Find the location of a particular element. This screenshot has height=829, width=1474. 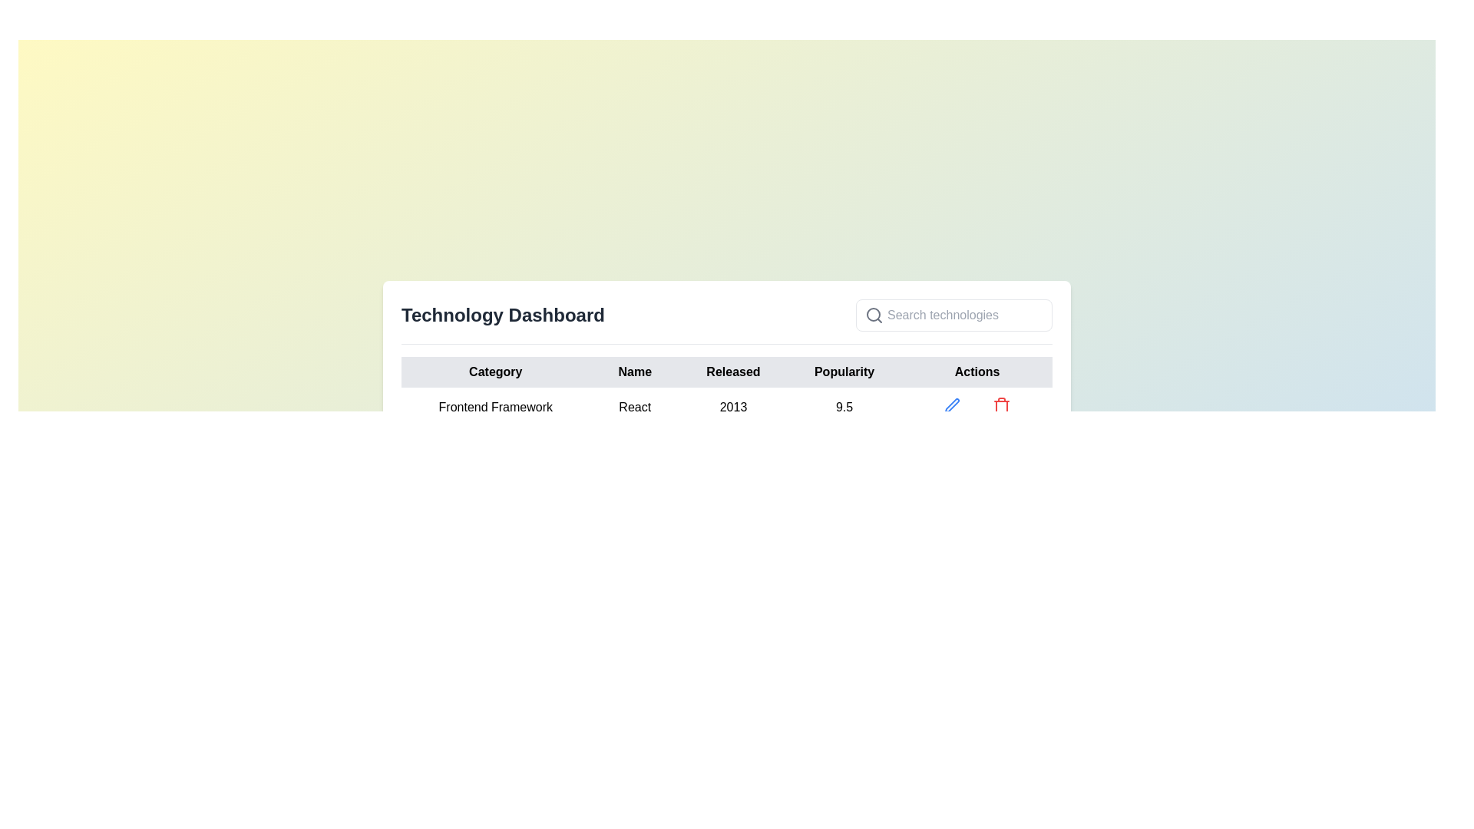

the text label displaying '9.5' in the 'Popularity' column of the table layout is located at coordinates (843, 406).